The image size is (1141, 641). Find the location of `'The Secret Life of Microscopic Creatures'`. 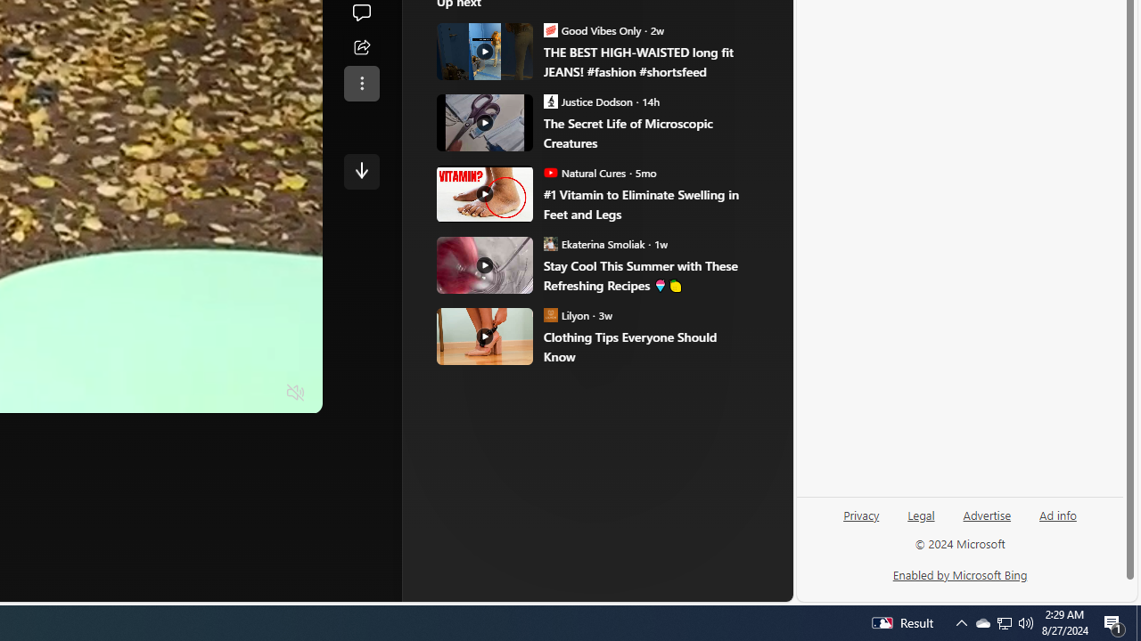

'The Secret Life of Microscopic Creatures' is located at coordinates (646, 133).